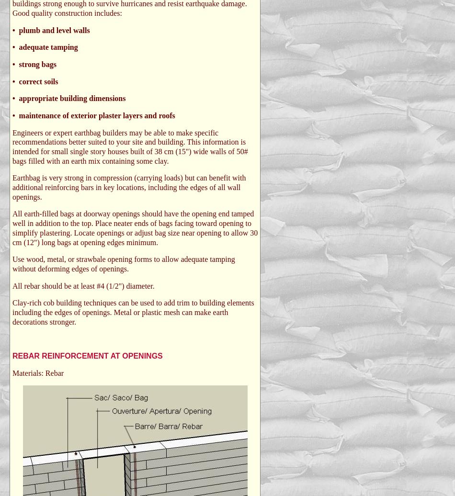  What do you see at coordinates (87, 356) in the screenshot?
I see `'REBAR REINFORCEMENT AT OPENINGS'` at bounding box center [87, 356].